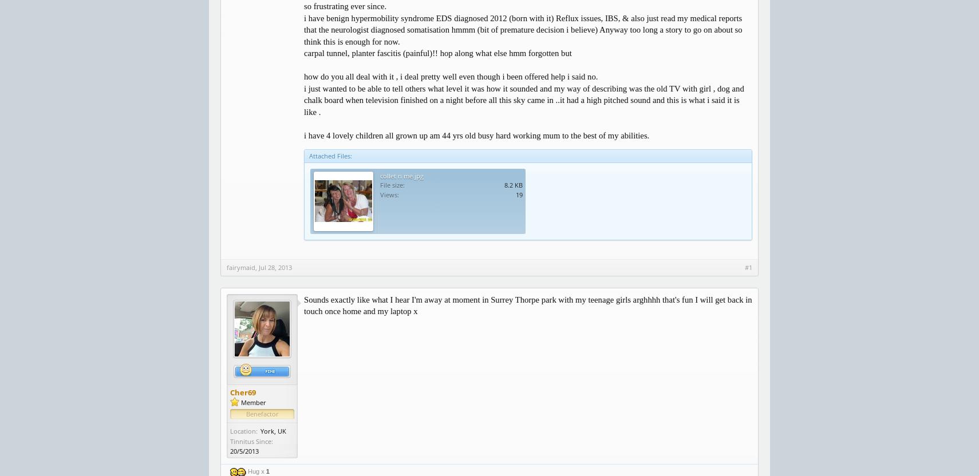  What do you see at coordinates (258, 267) in the screenshot?
I see `'Jul 28, 2013'` at bounding box center [258, 267].